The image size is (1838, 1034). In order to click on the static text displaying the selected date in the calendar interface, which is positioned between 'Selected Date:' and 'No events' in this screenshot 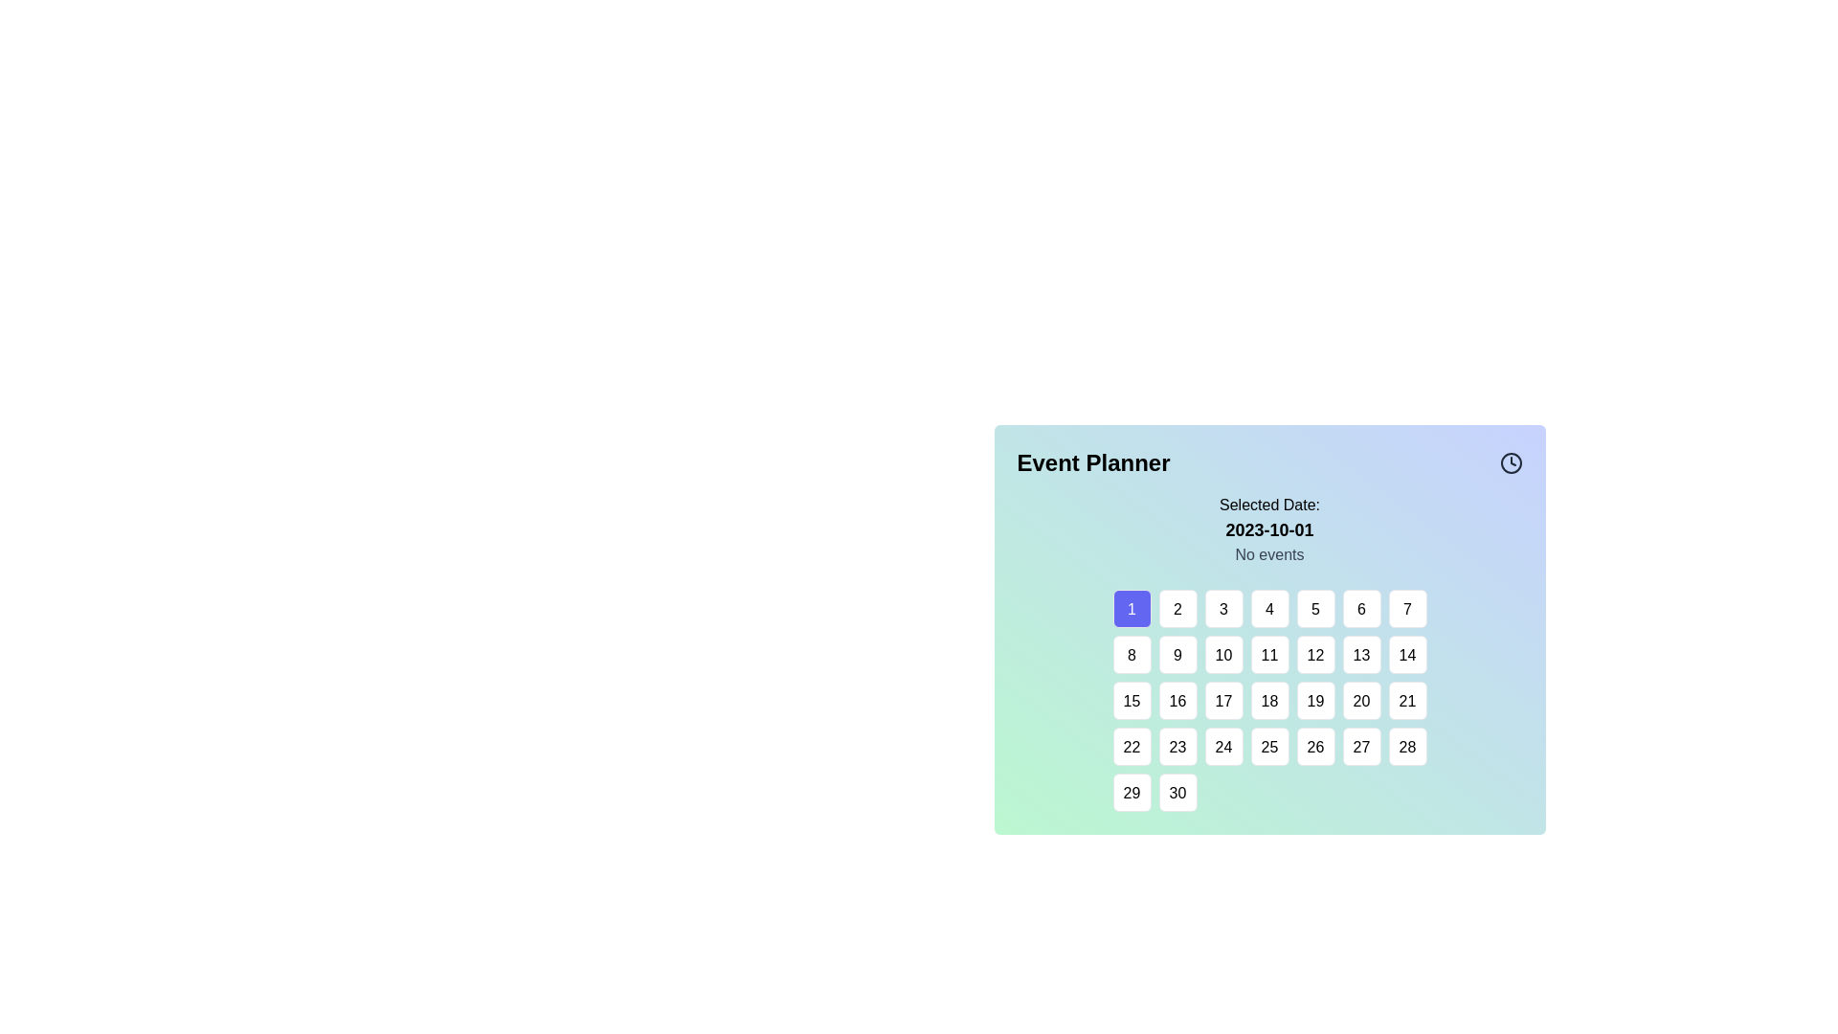, I will do `click(1269, 530)`.